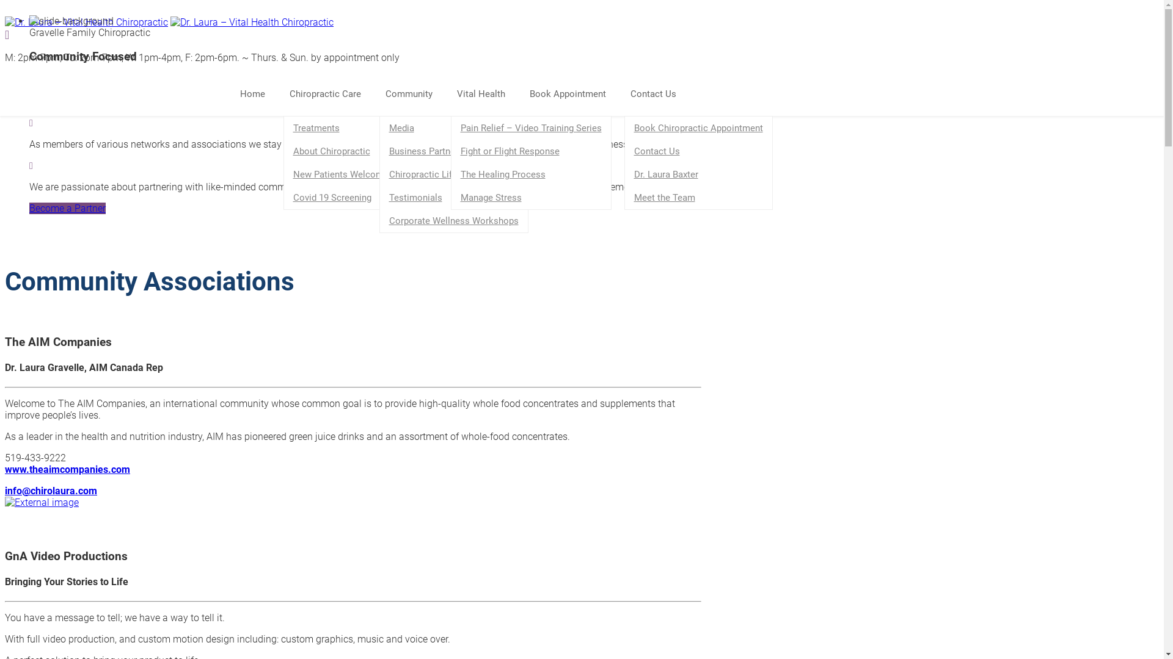  What do you see at coordinates (414, 93) in the screenshot?
I see `'Community'` at bounding box center [414, 93].